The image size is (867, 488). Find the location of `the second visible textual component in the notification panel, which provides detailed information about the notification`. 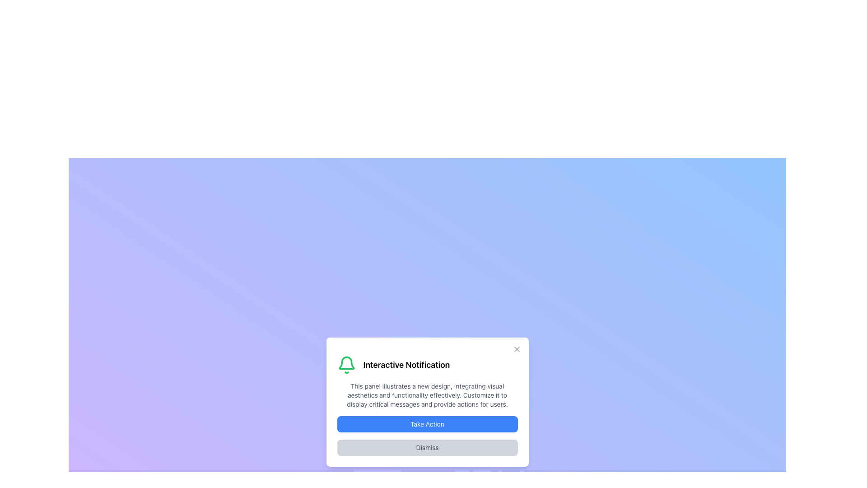

the second visible textual component in the notification panel, which provides detailed information about the notification is located at coordinates (427, 395).